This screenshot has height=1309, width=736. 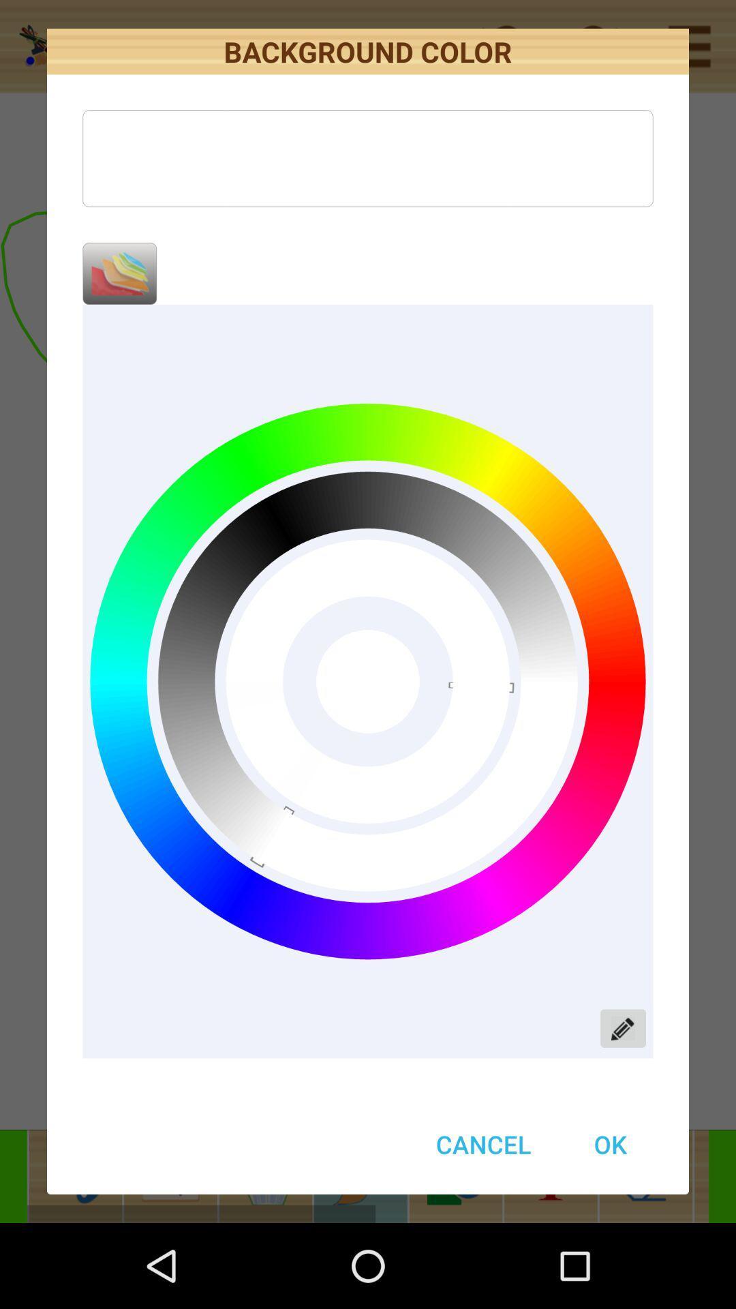 I want to click on item at the bottom, so click(x=482, y=1144).